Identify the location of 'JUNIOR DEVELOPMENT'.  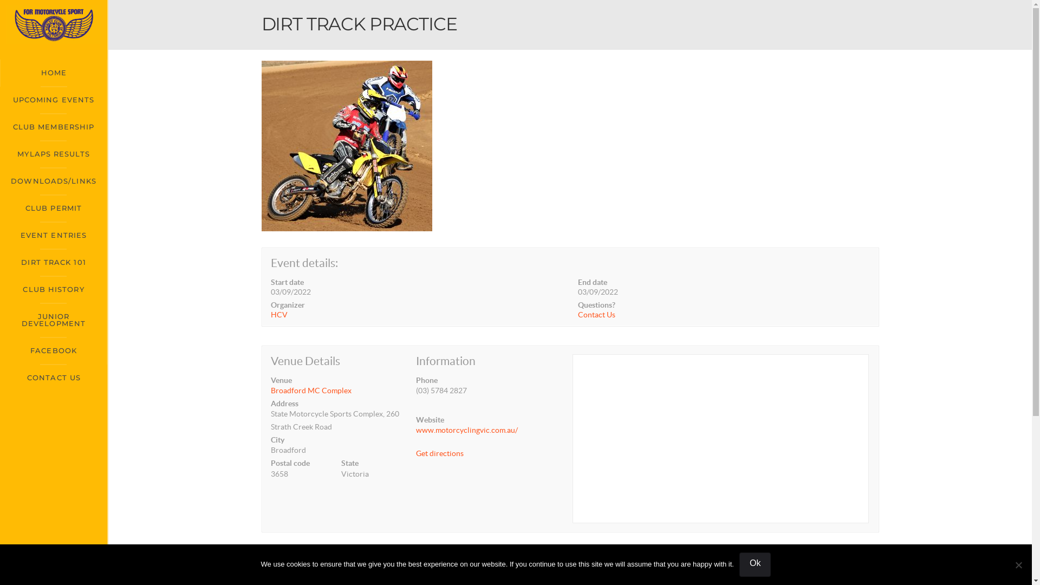
(53, 320).